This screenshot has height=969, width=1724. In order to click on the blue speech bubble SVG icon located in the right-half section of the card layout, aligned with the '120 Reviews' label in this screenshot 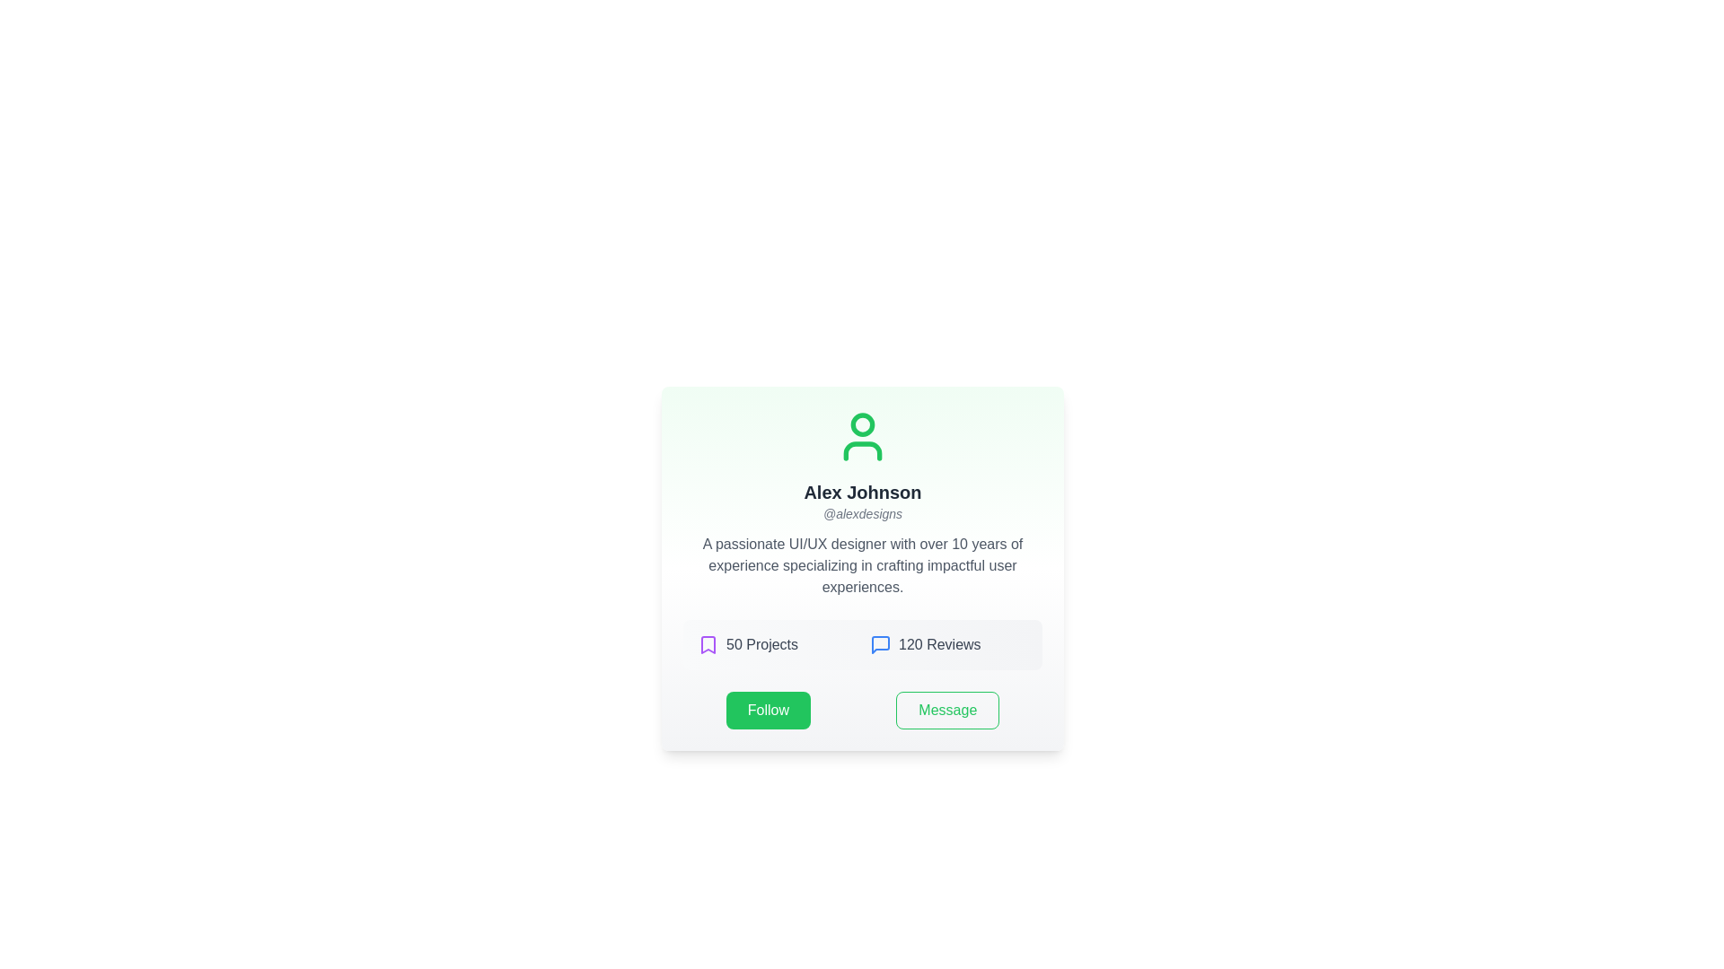, I will do `click(880, 643)`.